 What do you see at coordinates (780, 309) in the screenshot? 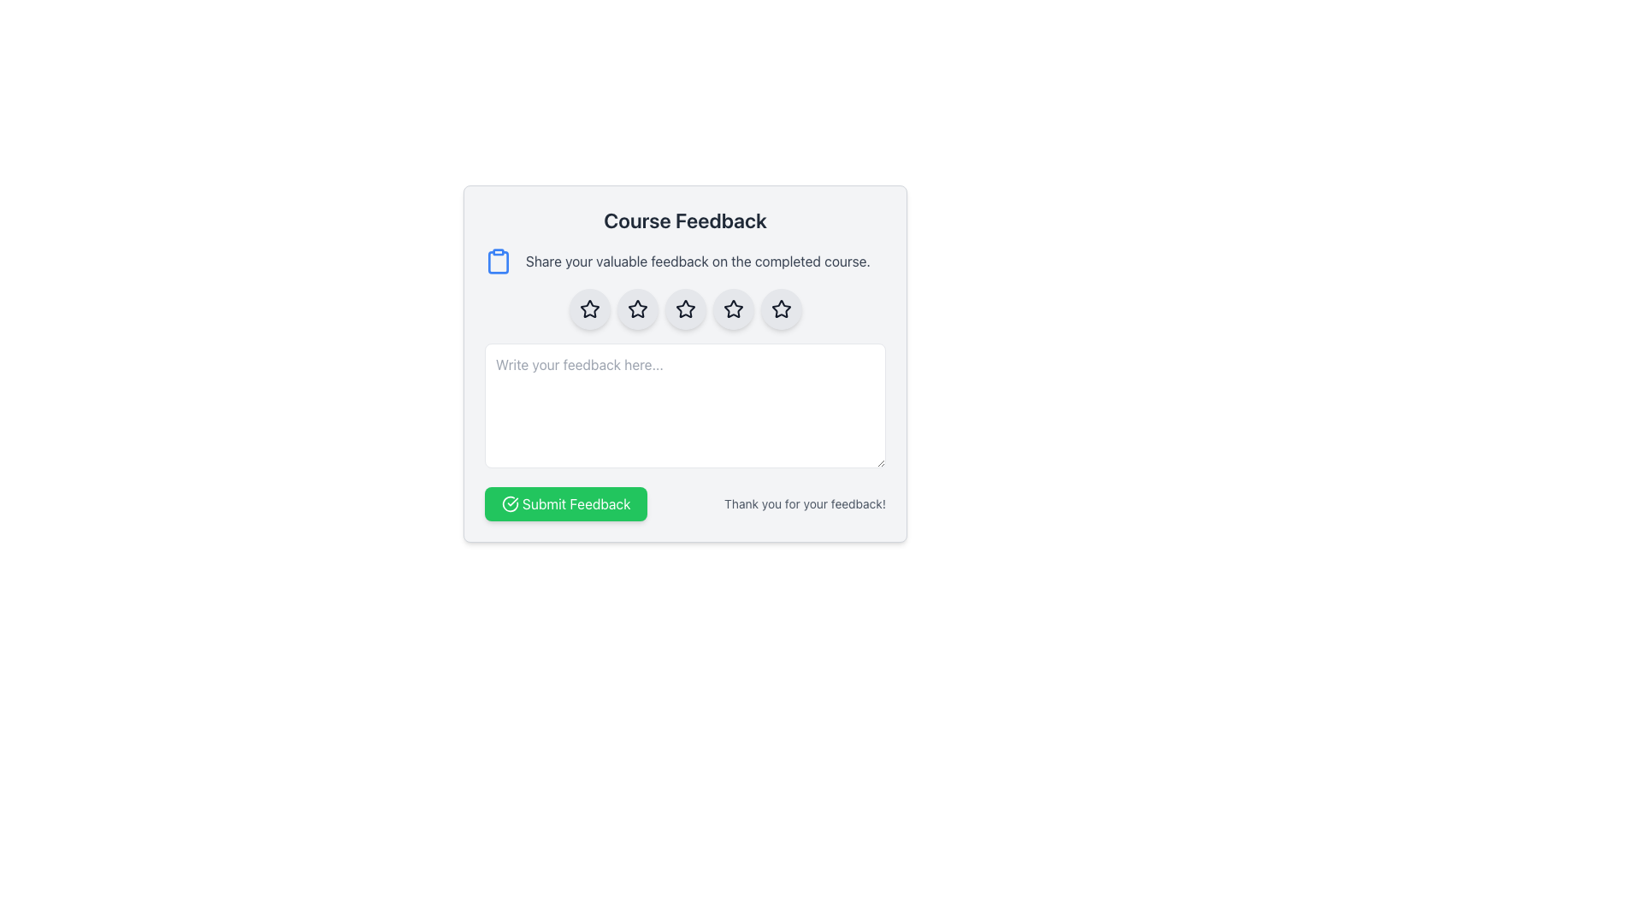
I see `the fifth star icon in the row of rating stars` at bounding box center [780, 309].